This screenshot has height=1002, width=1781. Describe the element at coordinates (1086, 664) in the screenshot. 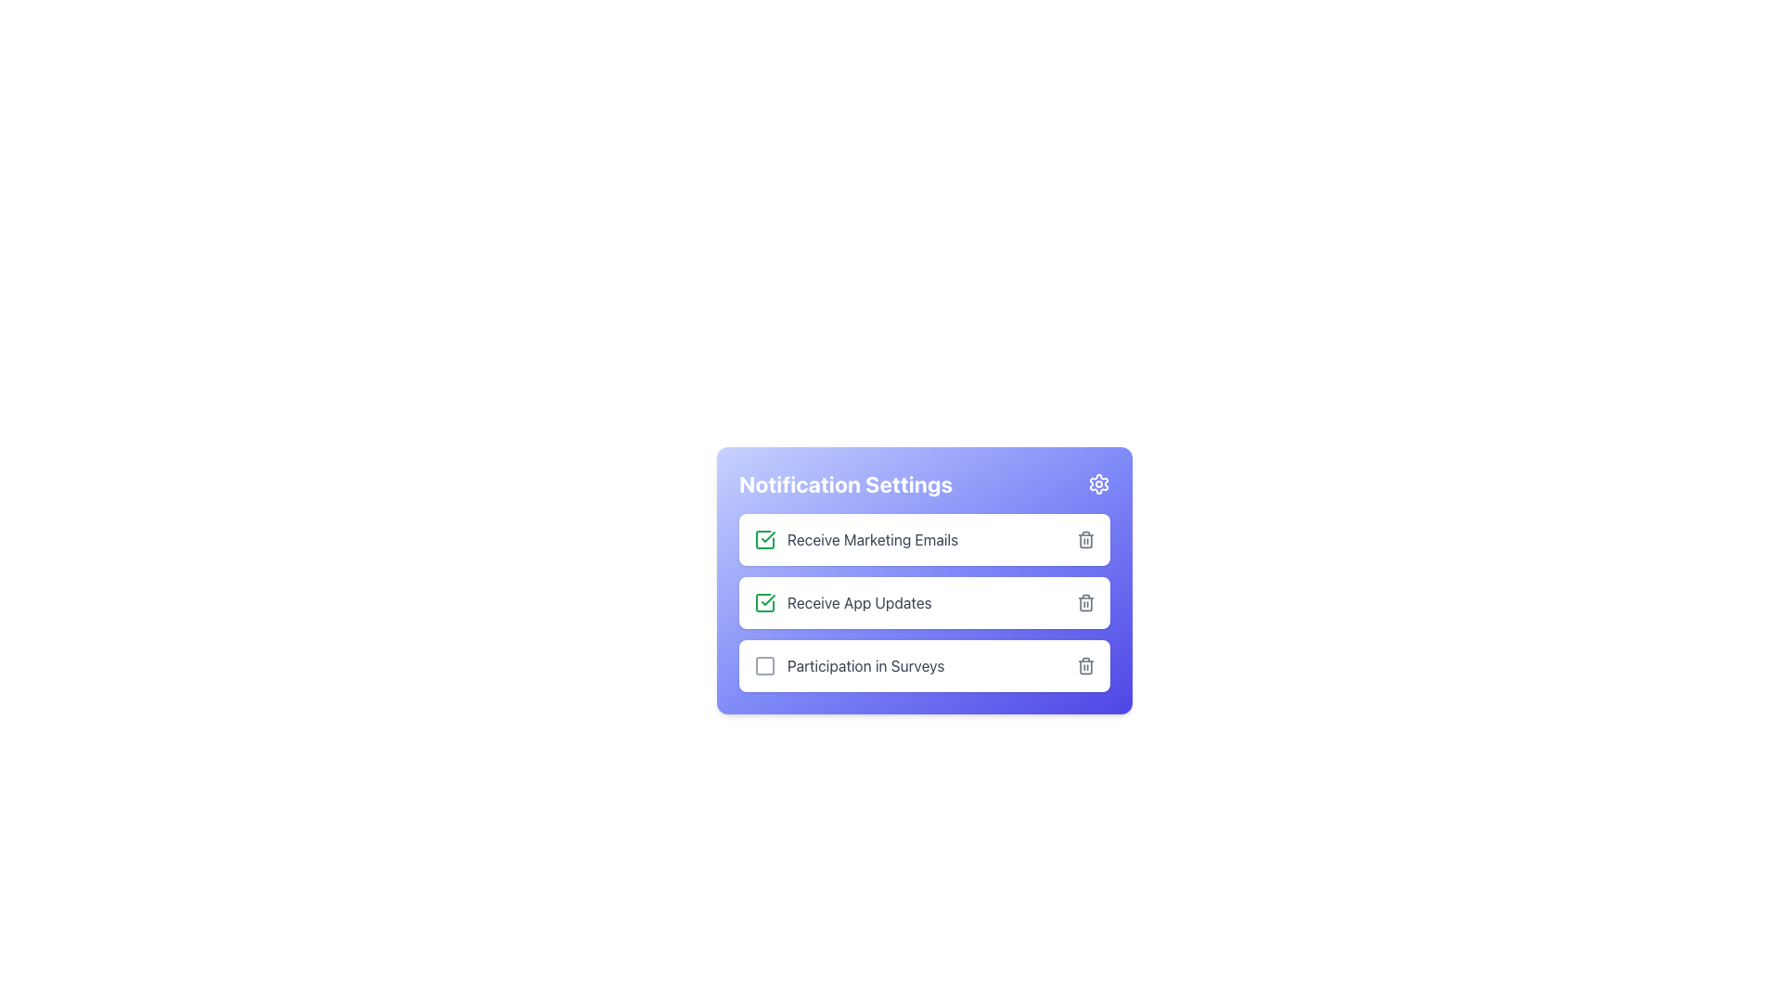

I see `the trash icon button` at that location.